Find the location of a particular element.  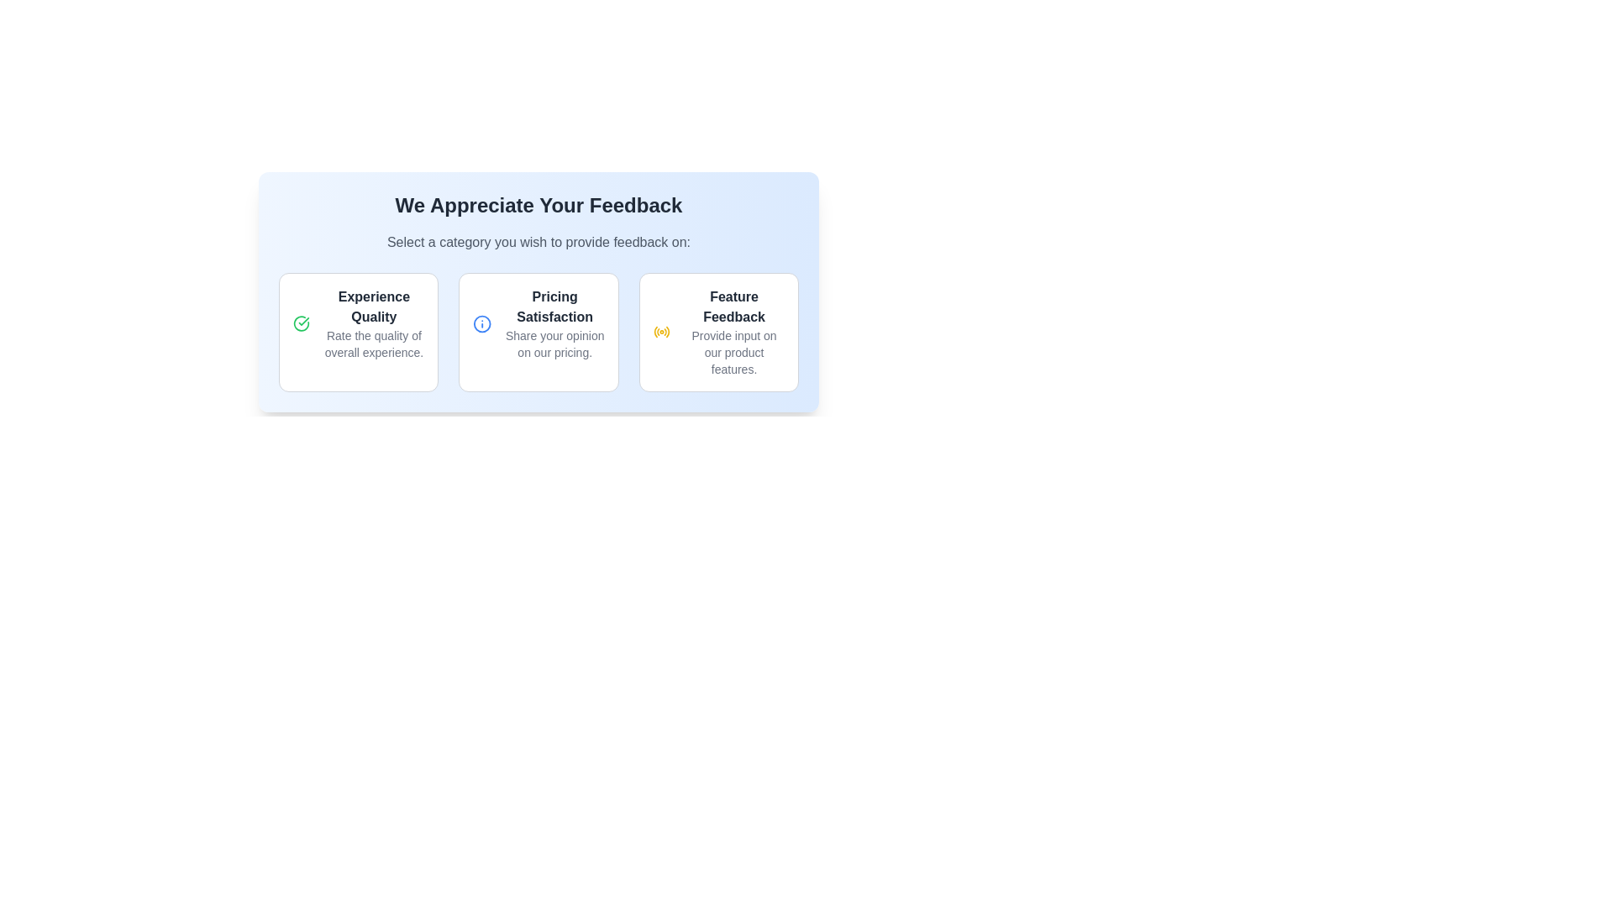

the static text heading that serves as a welcoming section for the feedback form, located directly above the subheading 'Select a category you wish to provide feedback on.' is located at coordinates (539, 205).